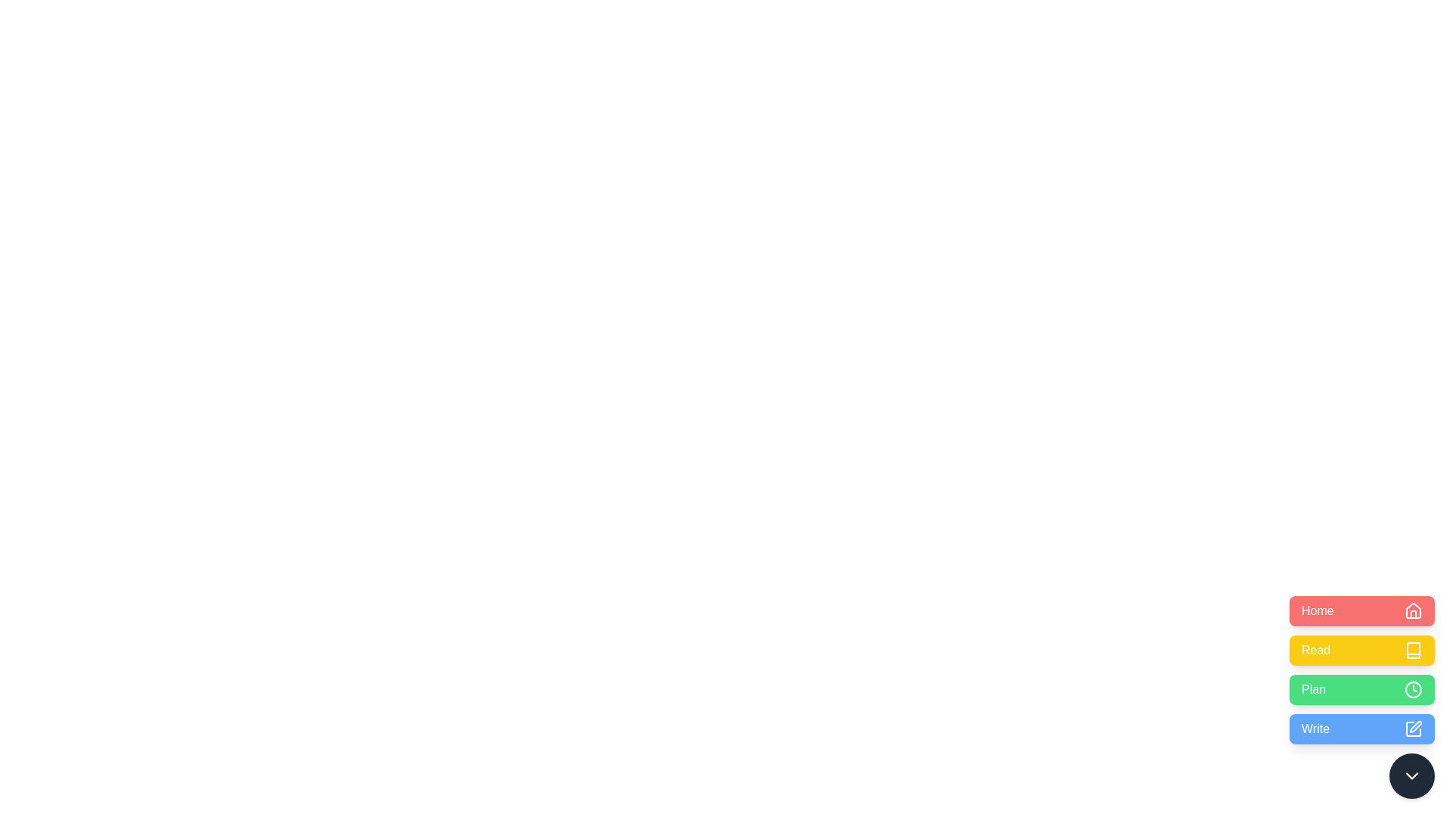  What do you see at coordinates (1362, 610) in the screenshot?
I see `the Home button` at bounding box center [1362, 610].